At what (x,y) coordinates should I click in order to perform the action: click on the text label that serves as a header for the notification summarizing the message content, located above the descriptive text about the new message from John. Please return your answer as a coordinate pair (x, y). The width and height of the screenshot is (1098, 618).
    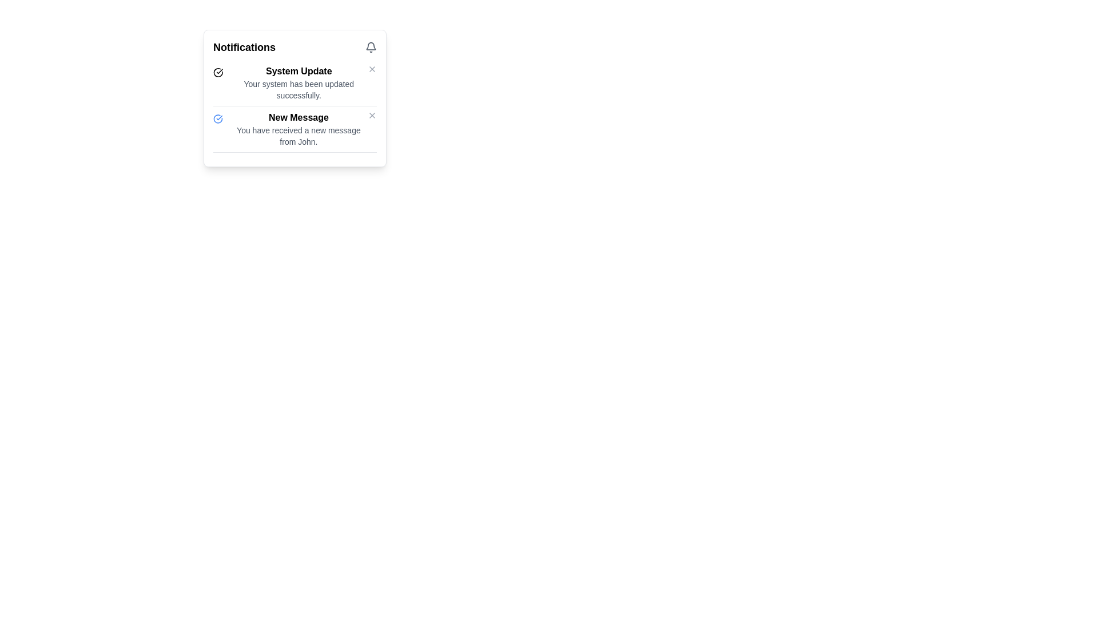
    Looking at the image, I should click on (299, 117).